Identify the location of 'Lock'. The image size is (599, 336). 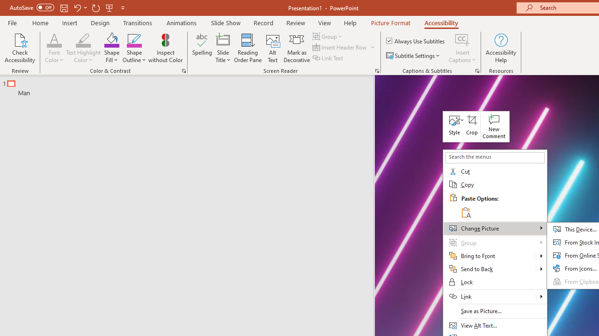
(494, 282).